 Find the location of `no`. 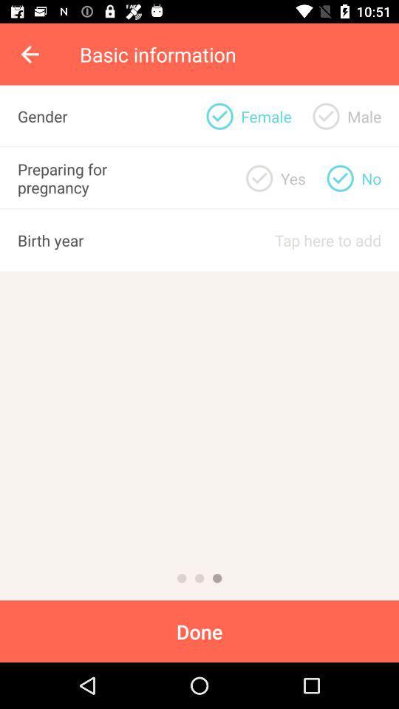

no is located at coordinates (340, 177).